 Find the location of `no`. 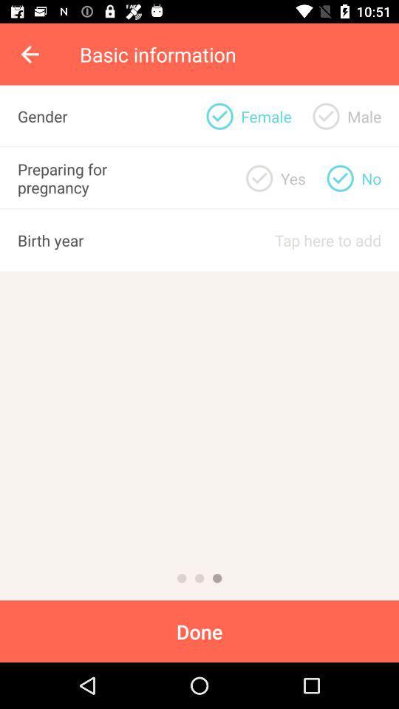

no is located at coordinates (340, 177).